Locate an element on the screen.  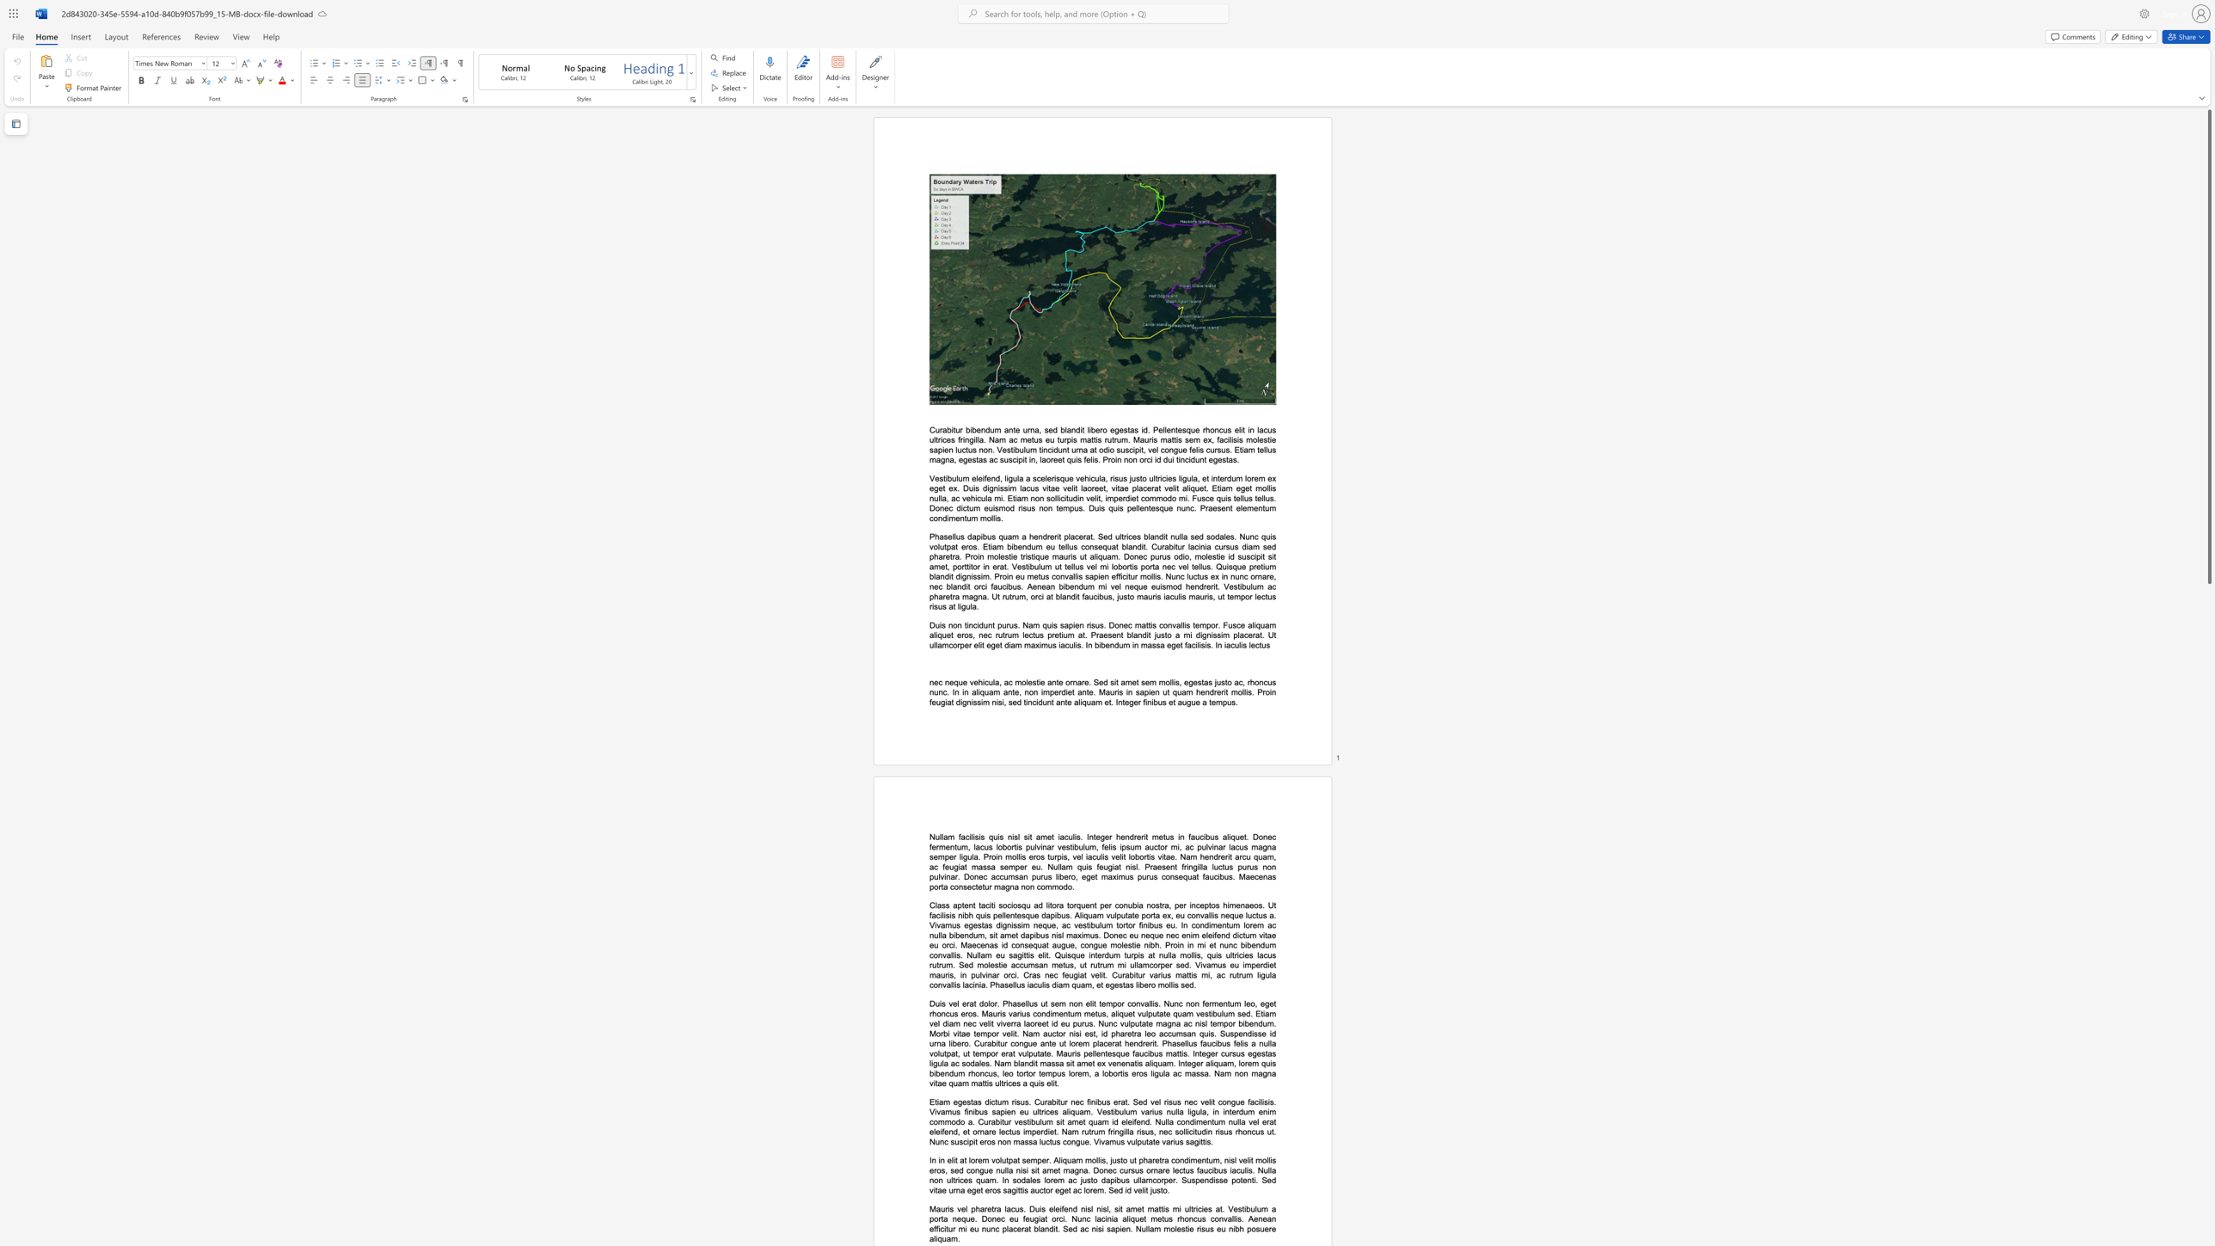
the subset text "e aliquam aliquet eros, nec rutrum lectus" within the text "Duis non tincidunt purus. Nam quis sapien risus. Donec mattis convallis tempor. Fusce aliquam aliquet eros, nec rutrum lectus pretium at. Praesent blandit justo a mi dignissim placerat. Ut ullamcorper elit eget diam maximus iaculis. In bibendum in massa eget facilisis. In iaculis lectus" is located at coordinates (1240, 624).